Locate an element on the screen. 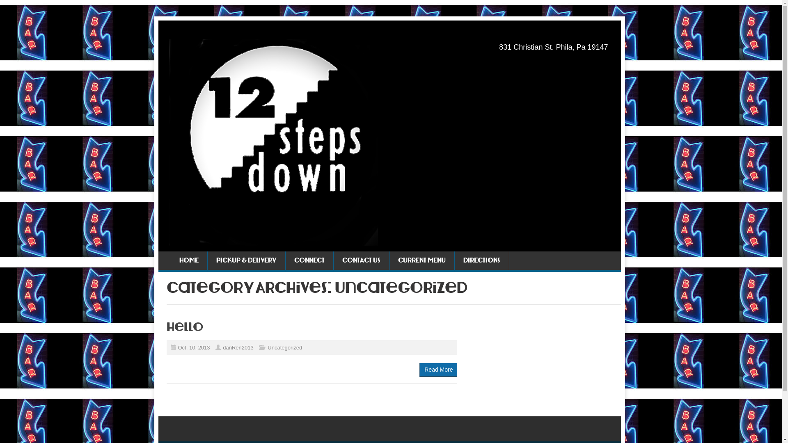  'CONTACT US' is located at coordinates (361, 260).